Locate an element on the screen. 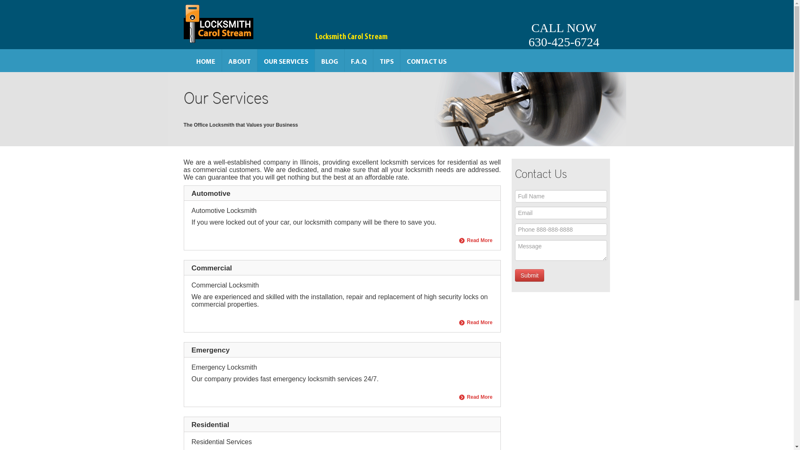 Image resolution: width=800 pixels, height=450 pixels. 'F.A.Q' is located at coordinates (358, 60).